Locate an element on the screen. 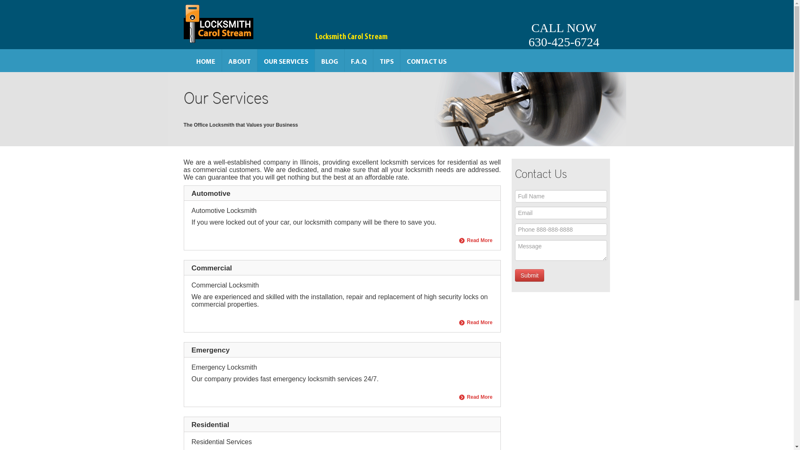 Image resolution: width=800 pixels, height=450 pixels. 'F.A.Q' is located at coordinates (358, 60).